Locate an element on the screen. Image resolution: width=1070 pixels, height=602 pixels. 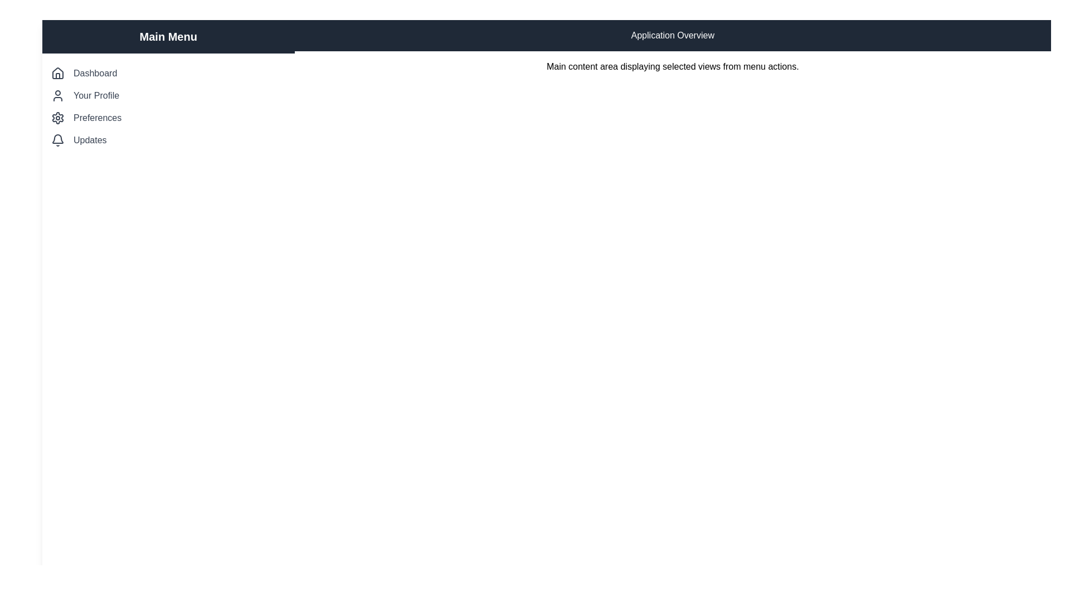
the 'Preferences' text label in the vertical navigation menu is located at coordinates (98, 118).